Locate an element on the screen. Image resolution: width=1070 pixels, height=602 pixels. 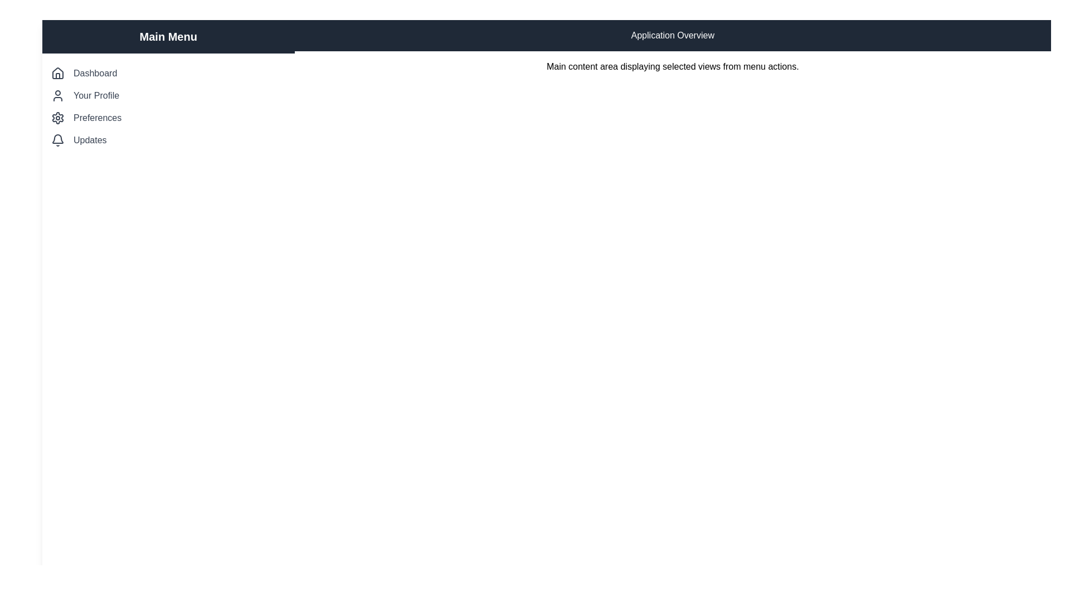
the 'Preferences' text label in the vertical navigation menu is located at coordinates (98, 118).